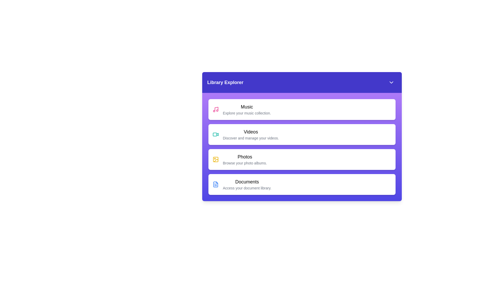 This screenshot has width=499, height=281. What do you see at coordinates (302, 184) in the screenshot?
I see `the library item Documents to read its description` at bounding box center [302, 184].